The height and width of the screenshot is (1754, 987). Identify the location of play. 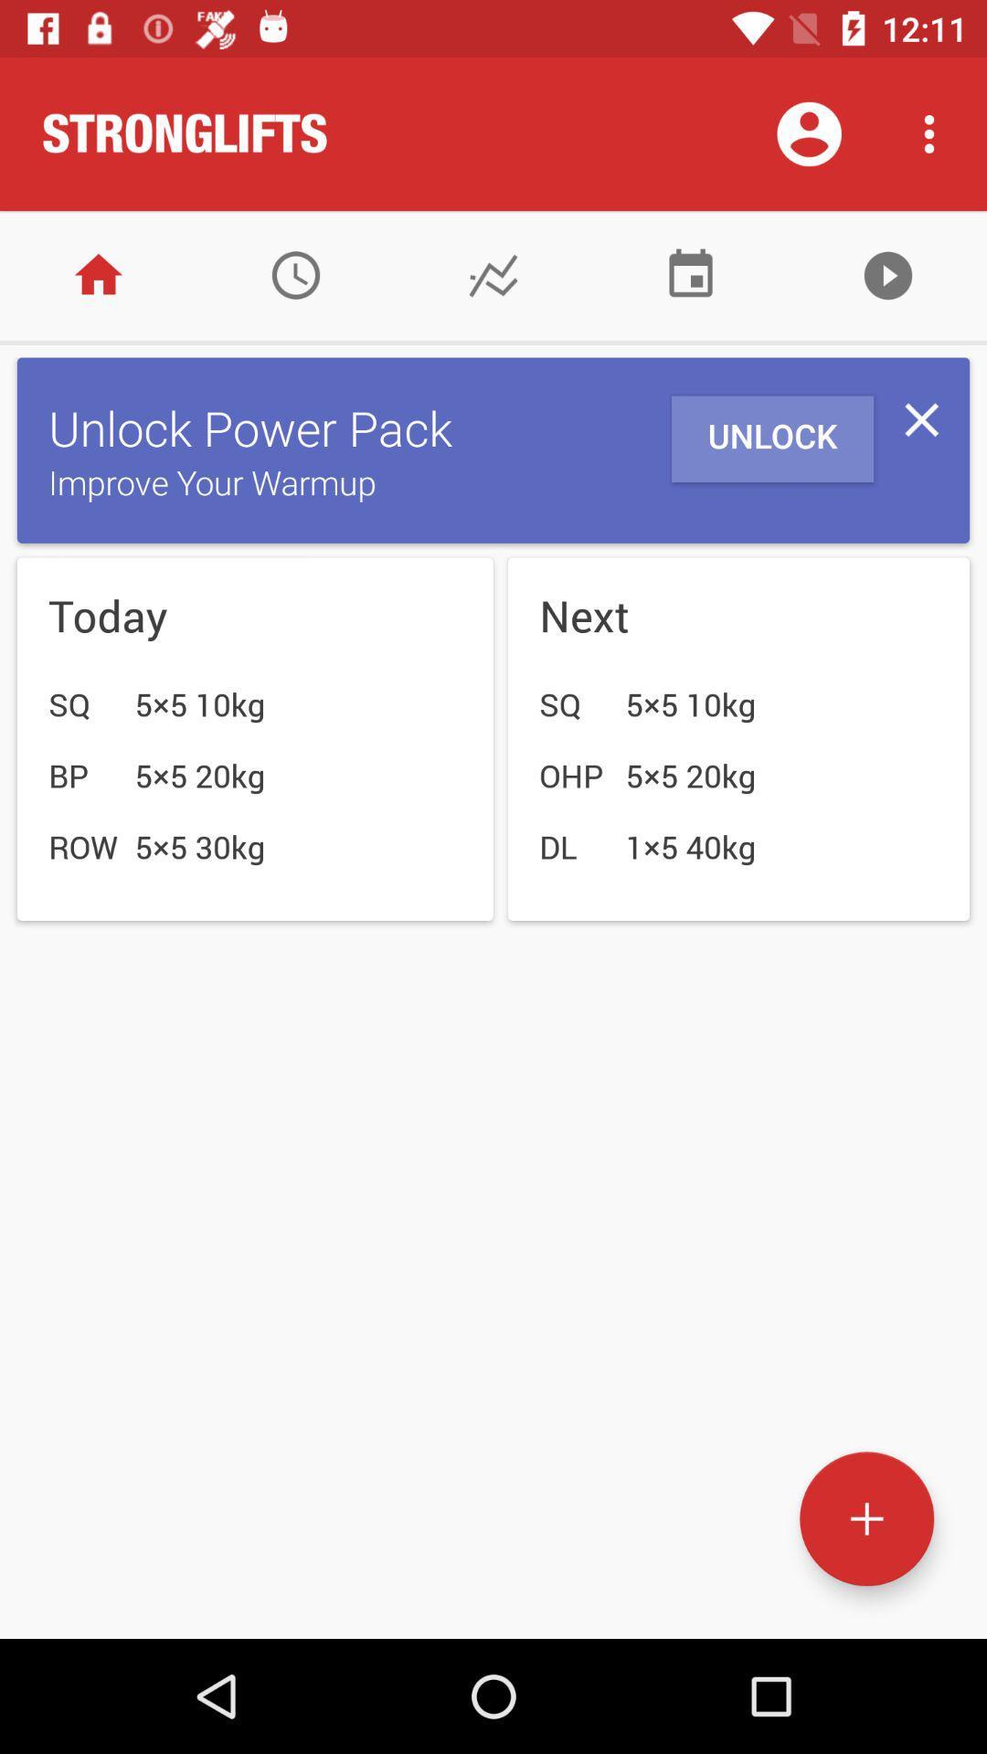
(887, 274).